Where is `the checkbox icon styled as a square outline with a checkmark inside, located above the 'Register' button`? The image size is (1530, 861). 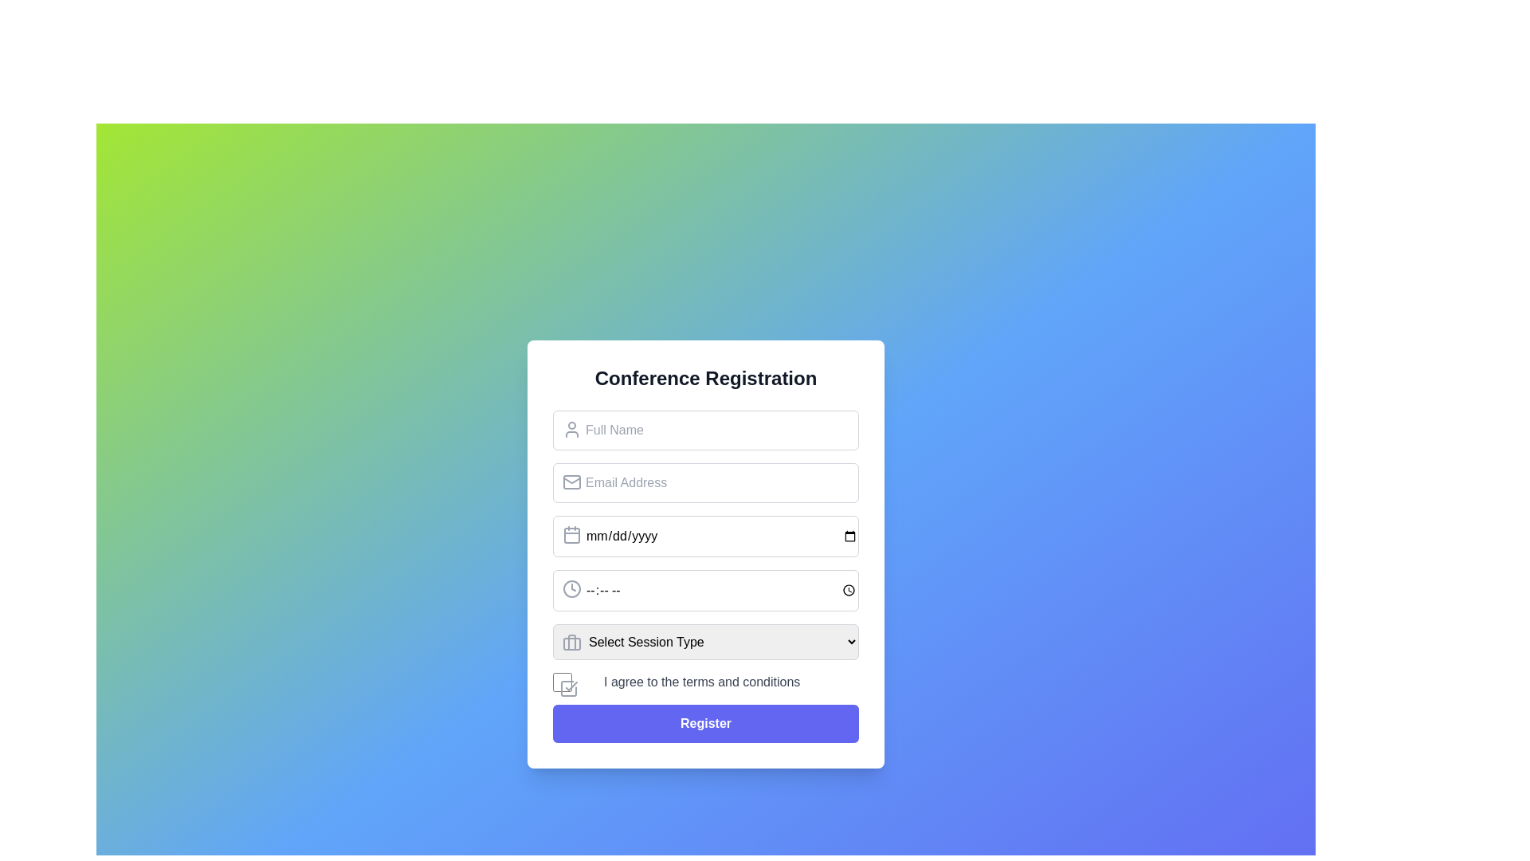 the checkbox icon styled as a square outline with a checkmark inside, located above the 'Register' button is located at coordinates (569, 687).